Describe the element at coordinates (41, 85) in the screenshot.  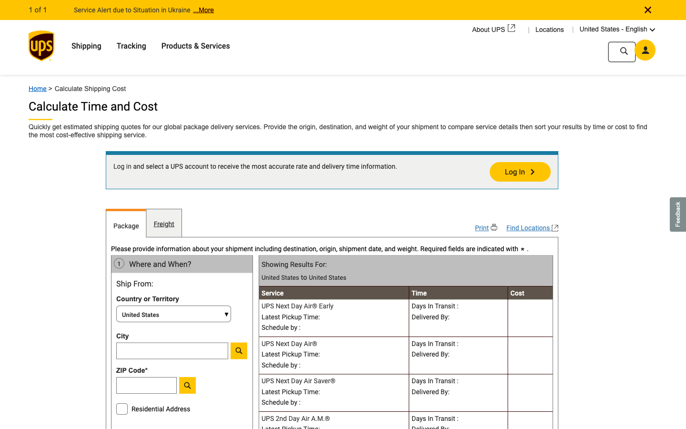
I see `main page` at that location.